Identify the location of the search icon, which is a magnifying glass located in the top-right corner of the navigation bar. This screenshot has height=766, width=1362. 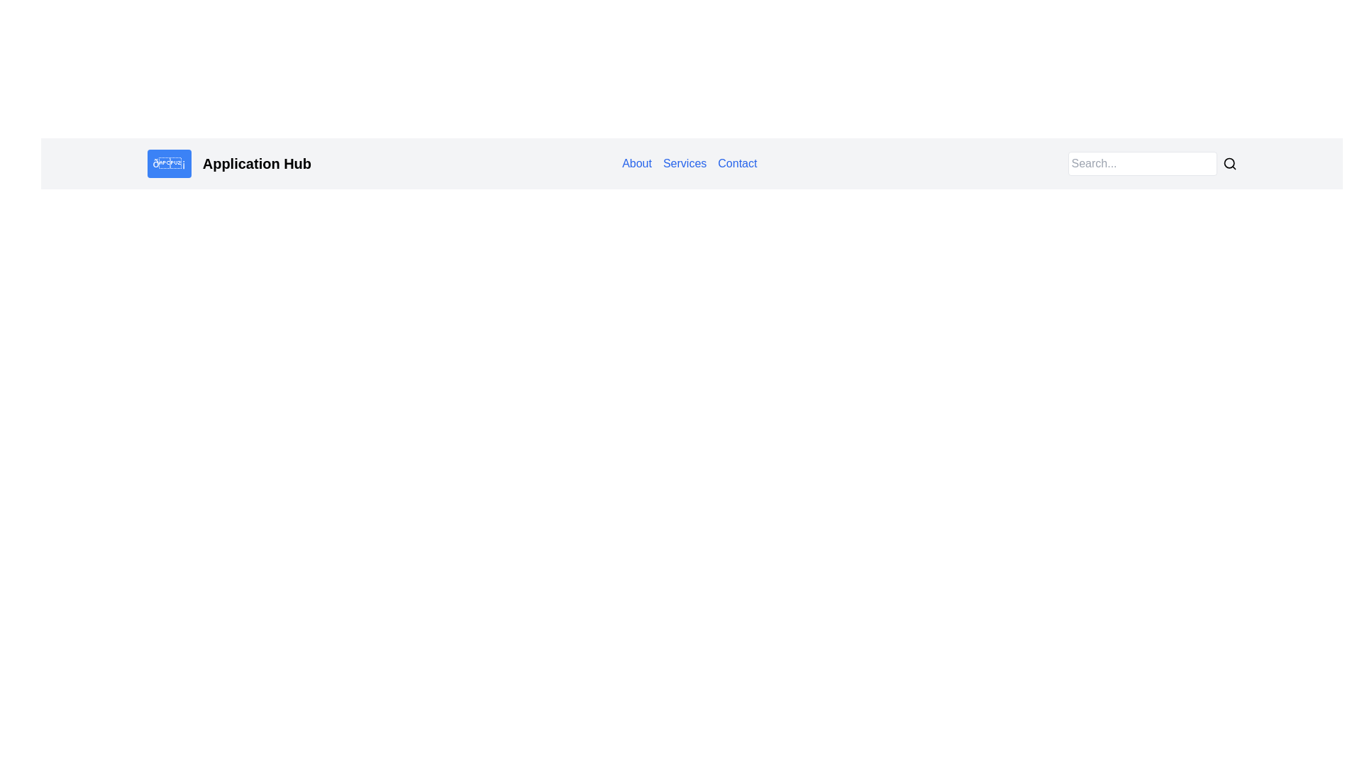
(1229, 163).